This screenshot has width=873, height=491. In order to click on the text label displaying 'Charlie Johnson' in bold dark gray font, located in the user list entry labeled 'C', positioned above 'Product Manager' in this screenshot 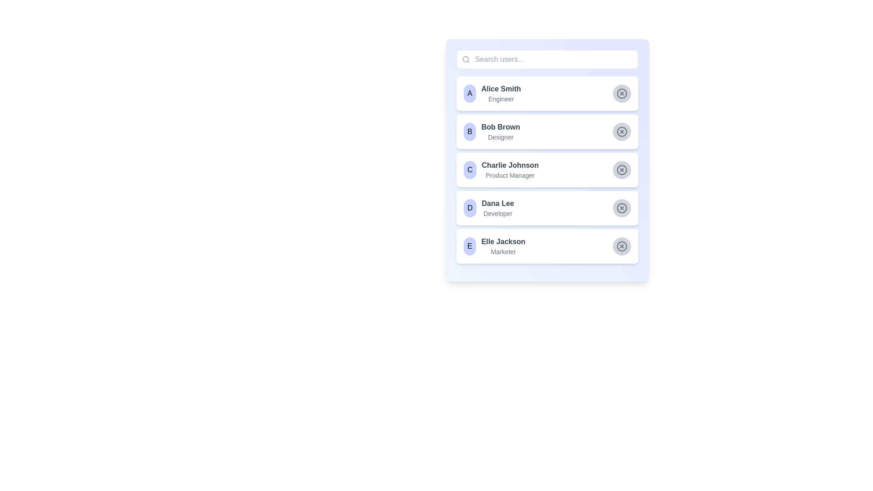, I will do `click(510, 165)`.